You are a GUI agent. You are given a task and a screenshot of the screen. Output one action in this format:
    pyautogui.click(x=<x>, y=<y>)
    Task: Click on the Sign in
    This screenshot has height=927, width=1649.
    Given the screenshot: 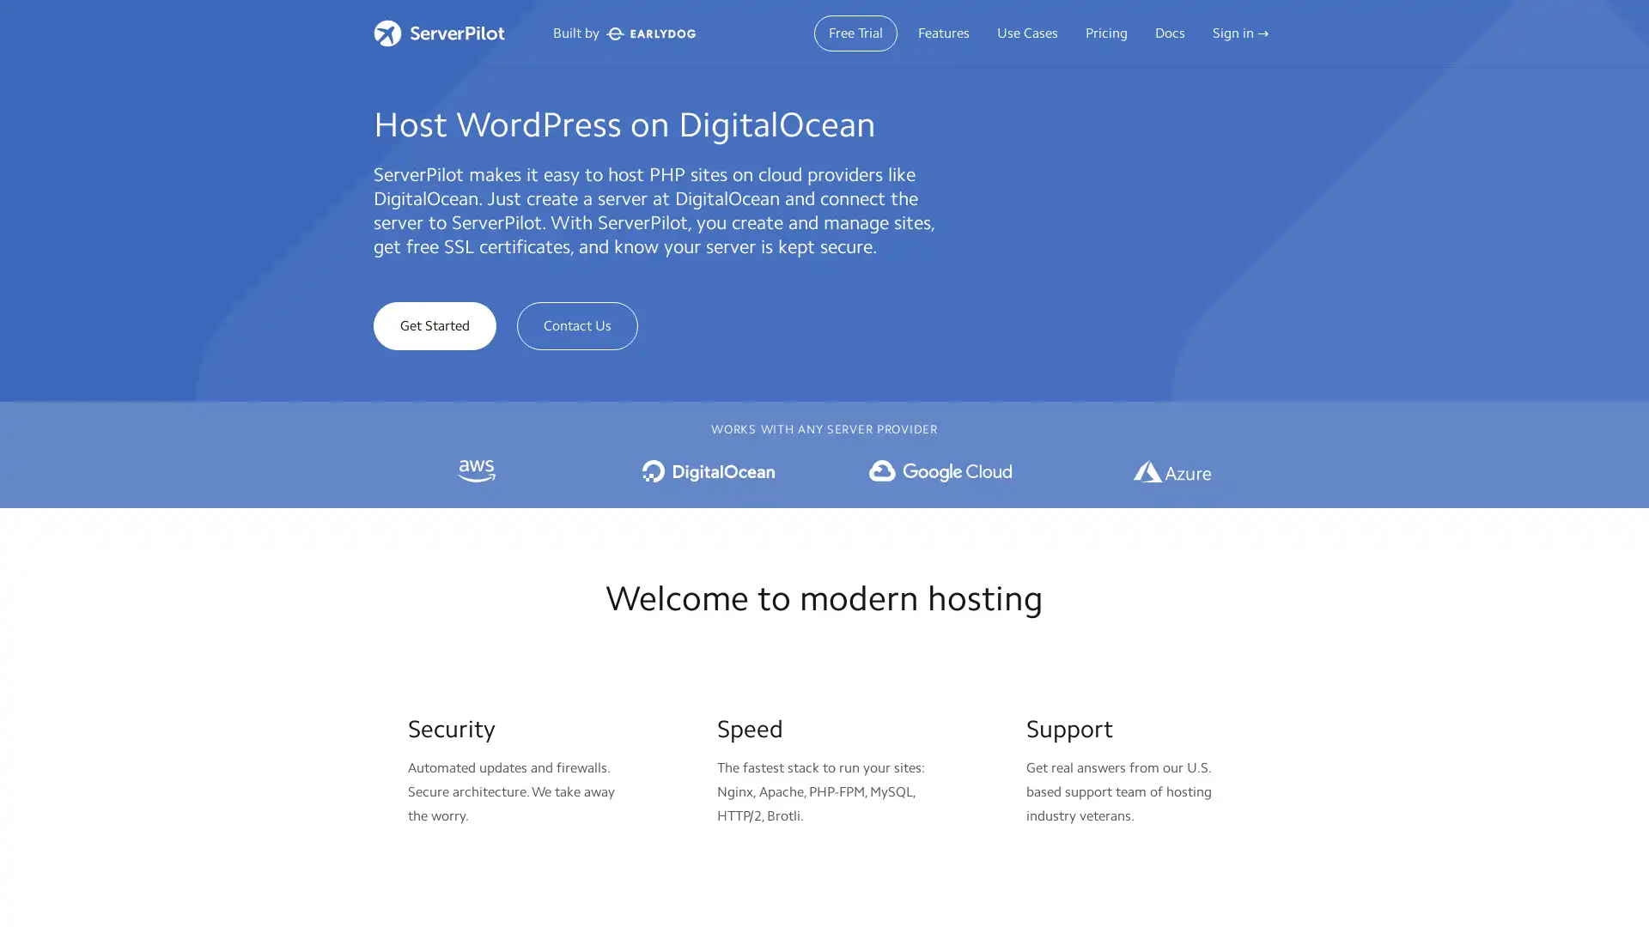 What is the action you would take?
    pyautogui.click(x=1240, y=33)
    